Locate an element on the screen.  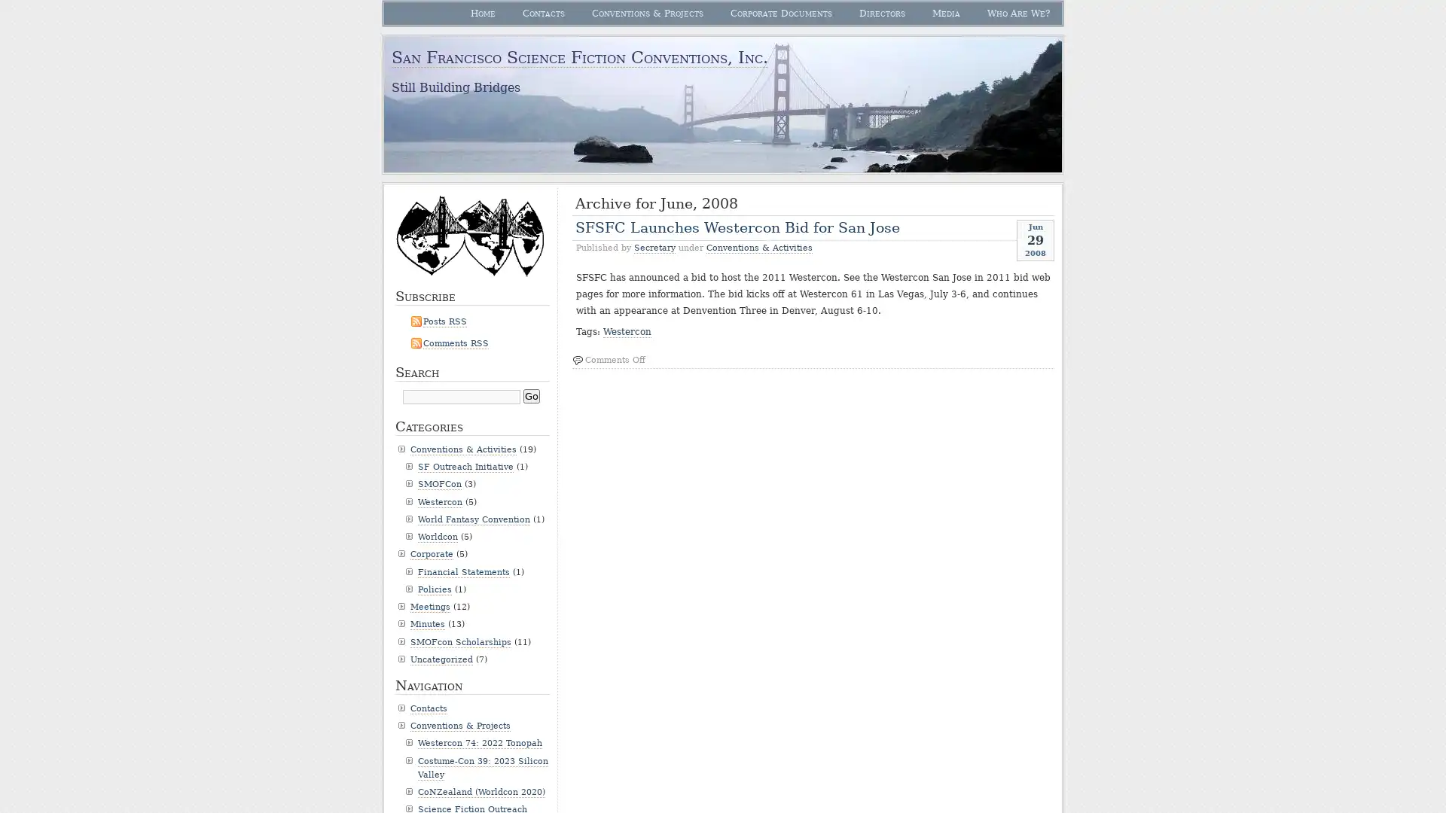
Go is located at coordinates (531, 394).